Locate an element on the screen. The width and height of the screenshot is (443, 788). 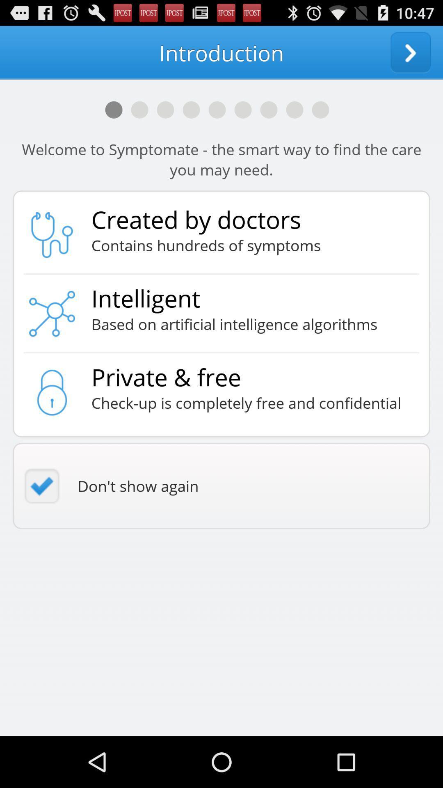
app to the right of introduction is located at coordinates (411, 52).